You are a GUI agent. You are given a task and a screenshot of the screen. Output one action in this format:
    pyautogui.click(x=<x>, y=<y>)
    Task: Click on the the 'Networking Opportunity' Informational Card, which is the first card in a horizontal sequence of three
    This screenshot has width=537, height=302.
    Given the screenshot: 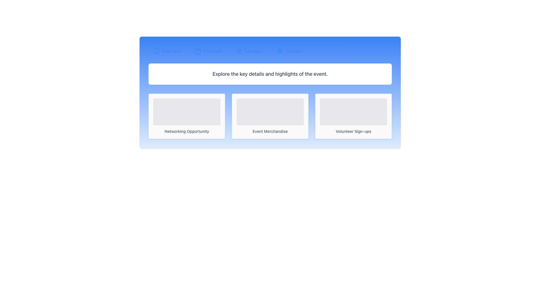 What is the action you would take?
    pyautogui.click(x=187, y=116)
    